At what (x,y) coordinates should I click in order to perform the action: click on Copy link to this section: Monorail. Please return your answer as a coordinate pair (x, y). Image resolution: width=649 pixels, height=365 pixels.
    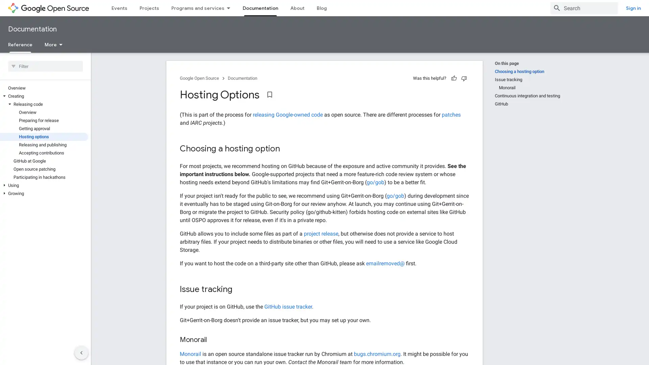
    Looking at the image, I should click on (213, 340).